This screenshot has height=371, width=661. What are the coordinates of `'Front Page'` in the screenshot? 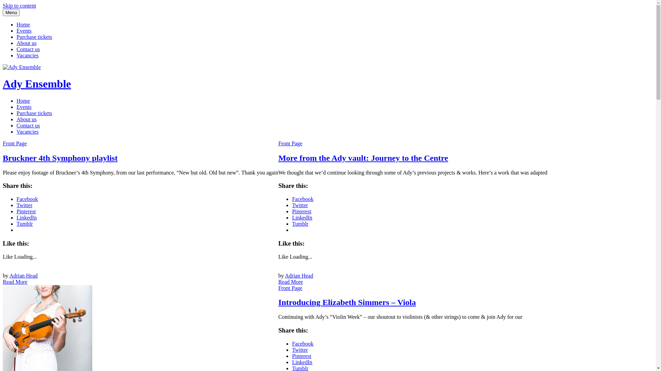 It's located at (290, 288).